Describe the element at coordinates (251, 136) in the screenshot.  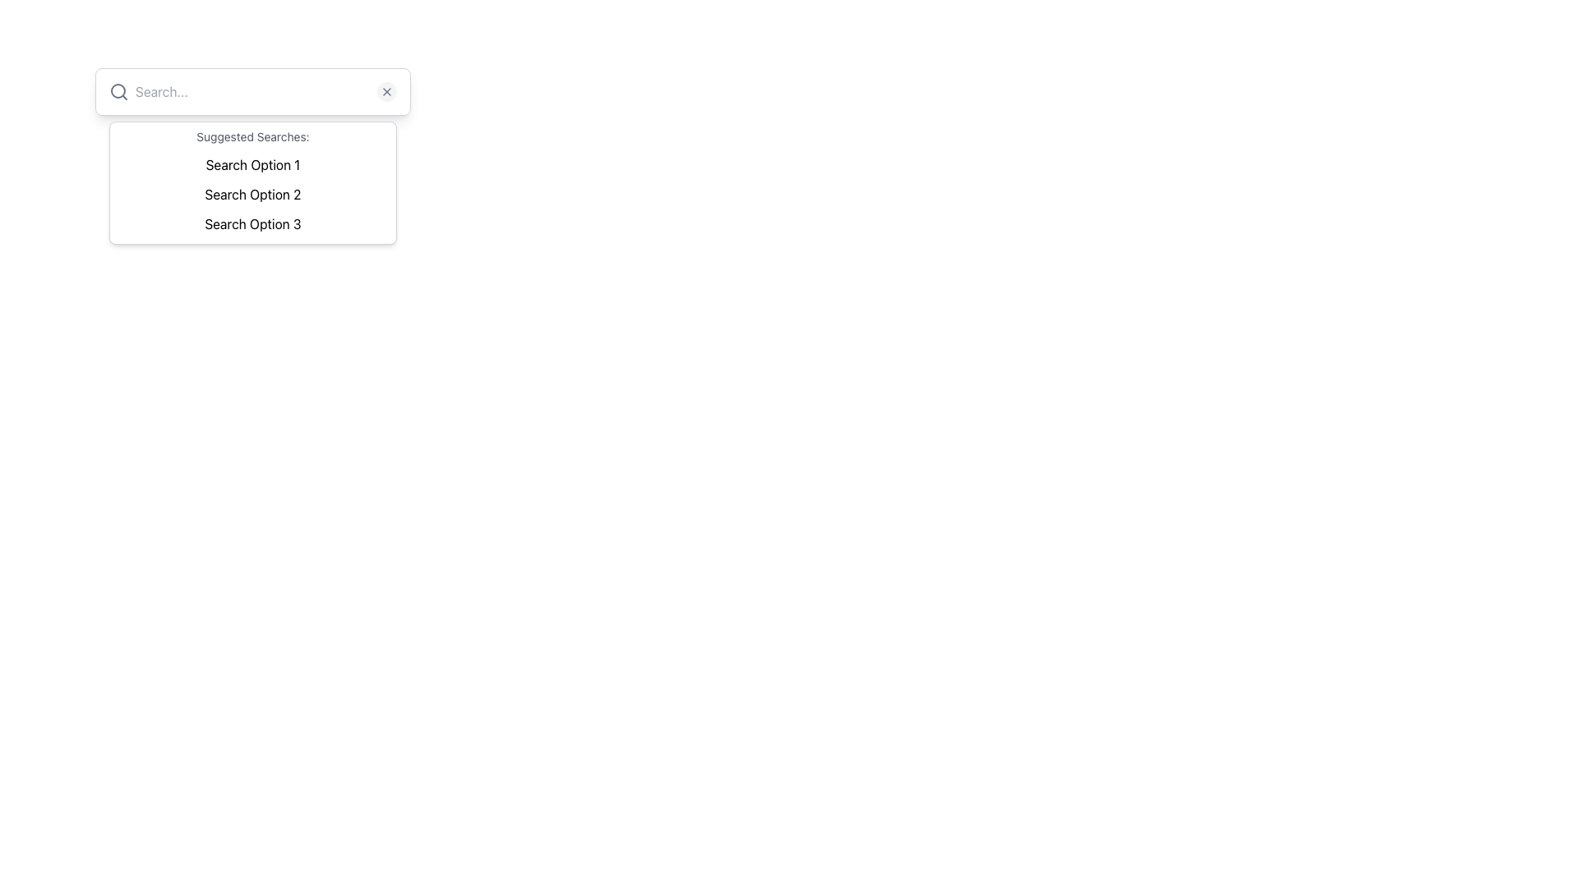
I see `the text label displaying 'Suggested Searches:' which is positioned at the top of a dropdown suggestion box` at that location.